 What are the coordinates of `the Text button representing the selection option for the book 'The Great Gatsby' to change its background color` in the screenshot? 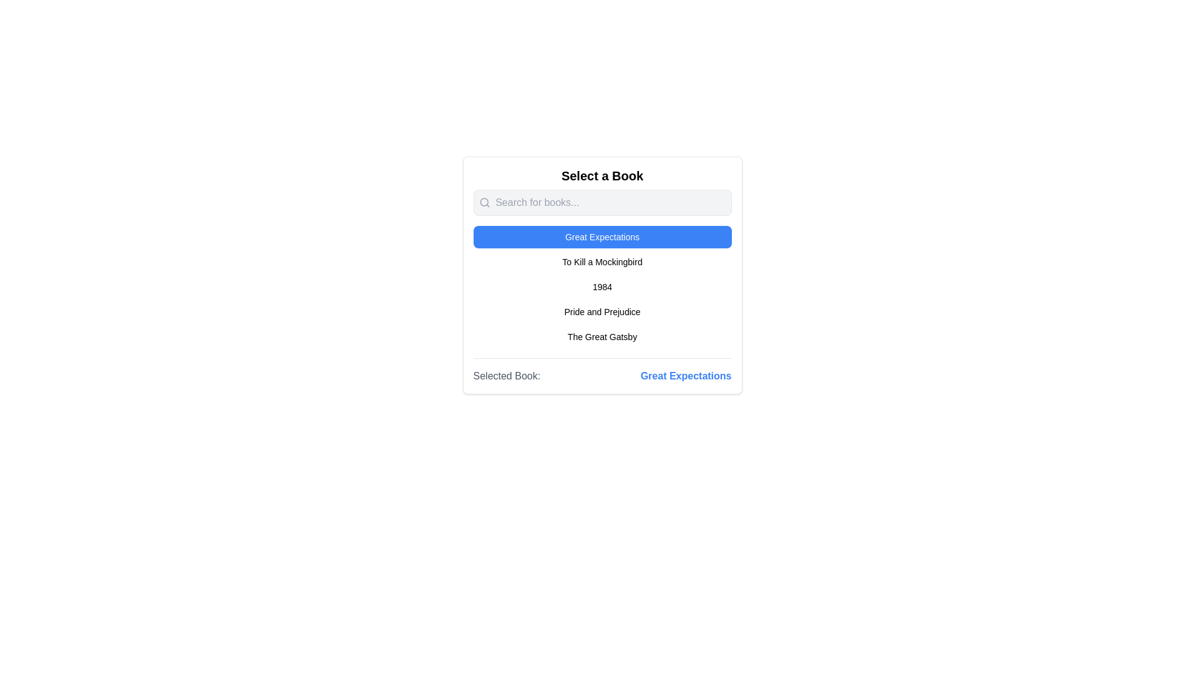 It's located at (602, 337).